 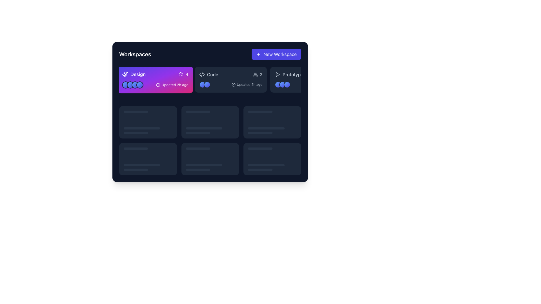 What do you see at coordinates (204, 128) in the screenshot?
I see `the first loading bar, which has a dark slate-gray background and rounded edges, located above its sibling element in the second row of blocks` at bounding box center [204, 128].